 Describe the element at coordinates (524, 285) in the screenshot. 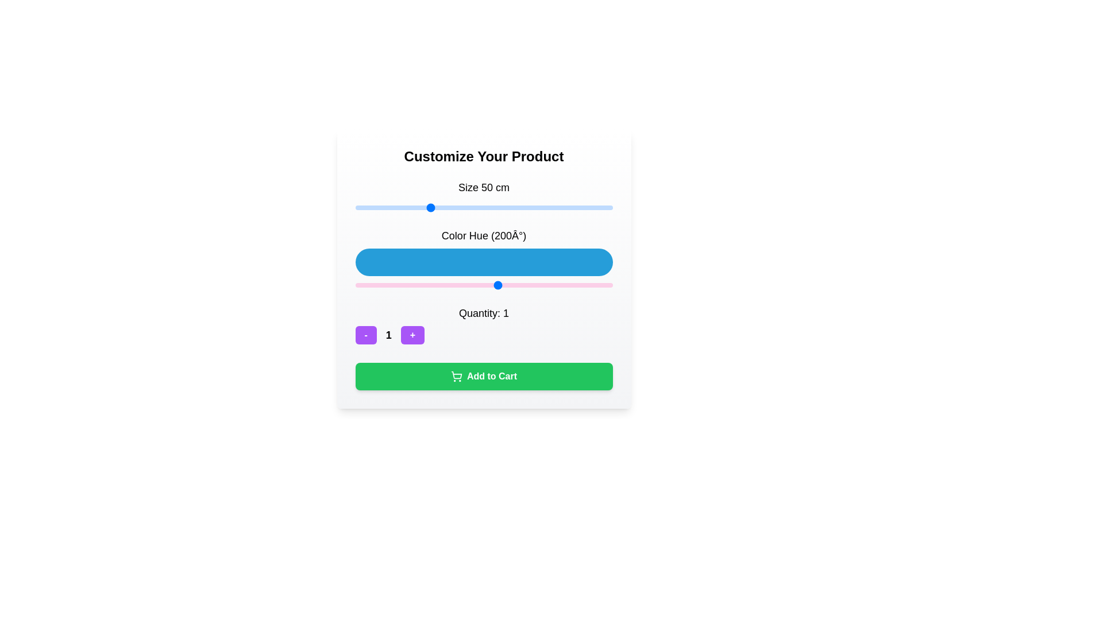

I see `the color hue slider` at that location.